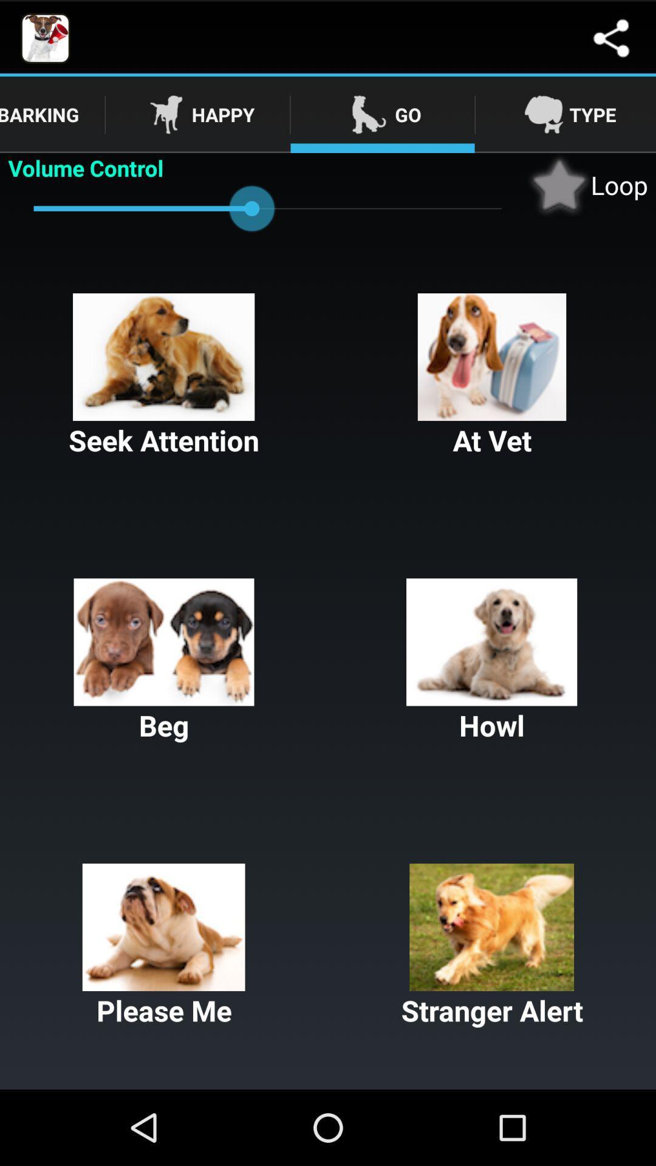  What do you see at coordinates (164, 661) in the screenshot?
I see `the beg` at bounding box center [164, 661].